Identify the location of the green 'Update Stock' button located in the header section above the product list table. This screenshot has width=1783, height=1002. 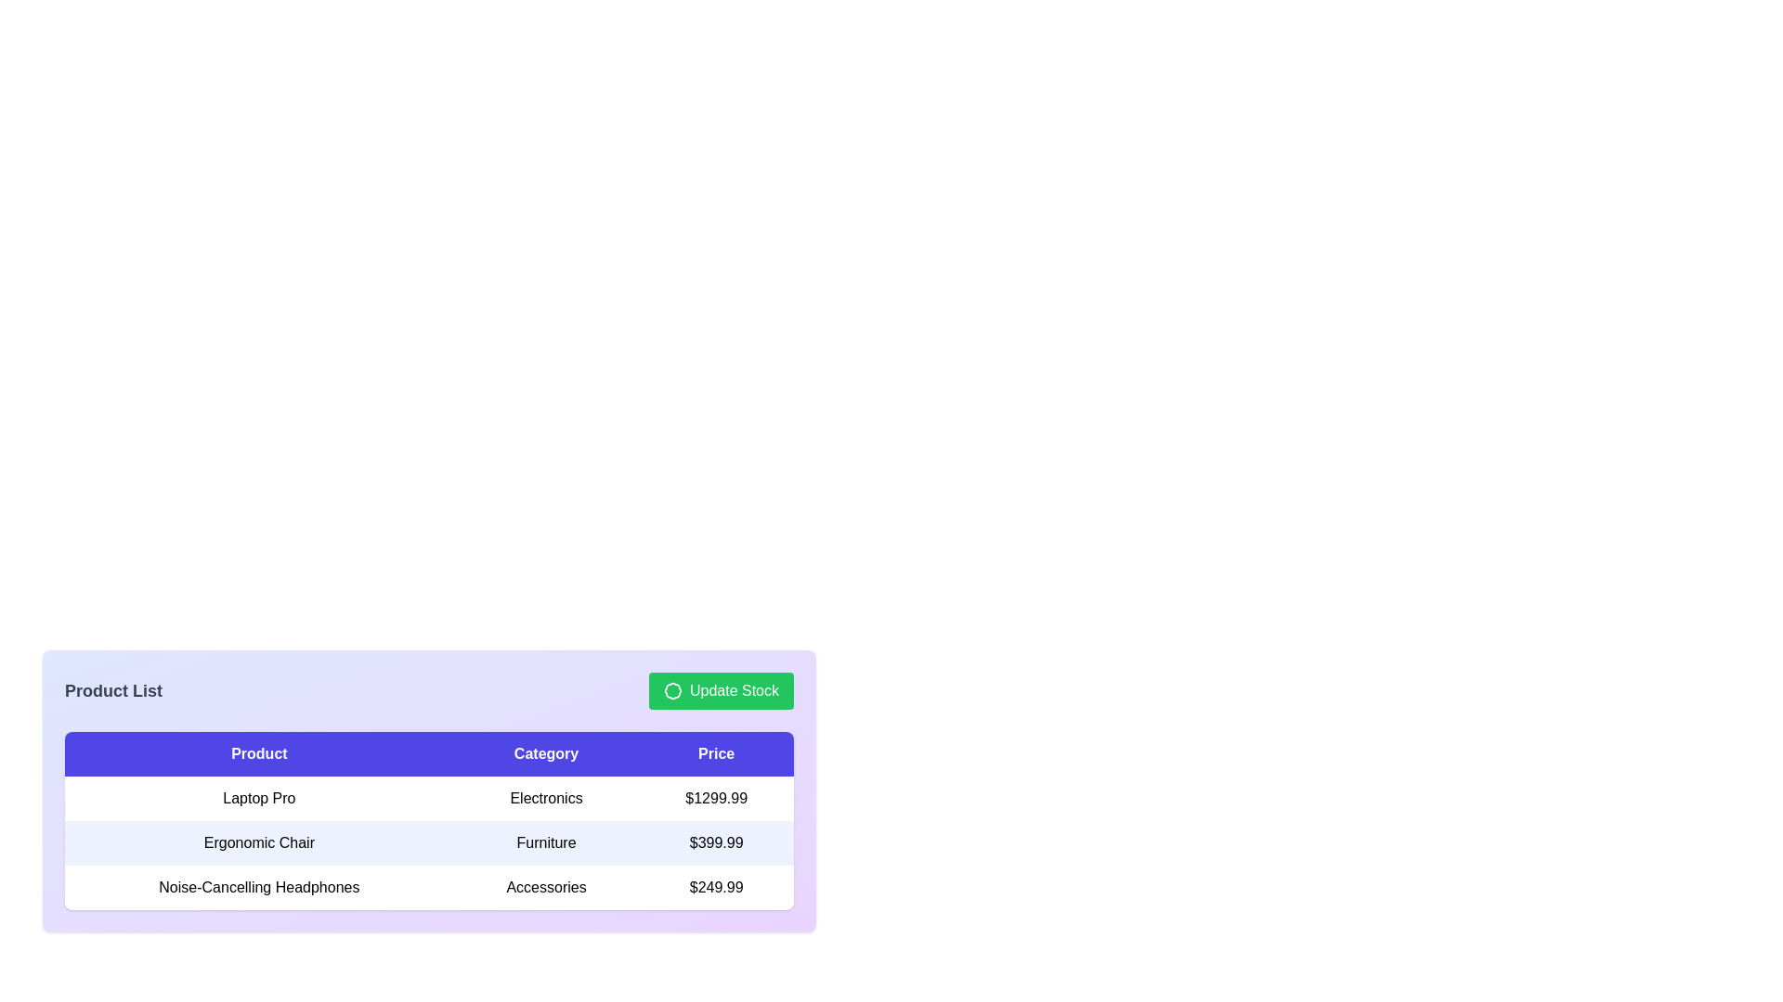
(721, 690).